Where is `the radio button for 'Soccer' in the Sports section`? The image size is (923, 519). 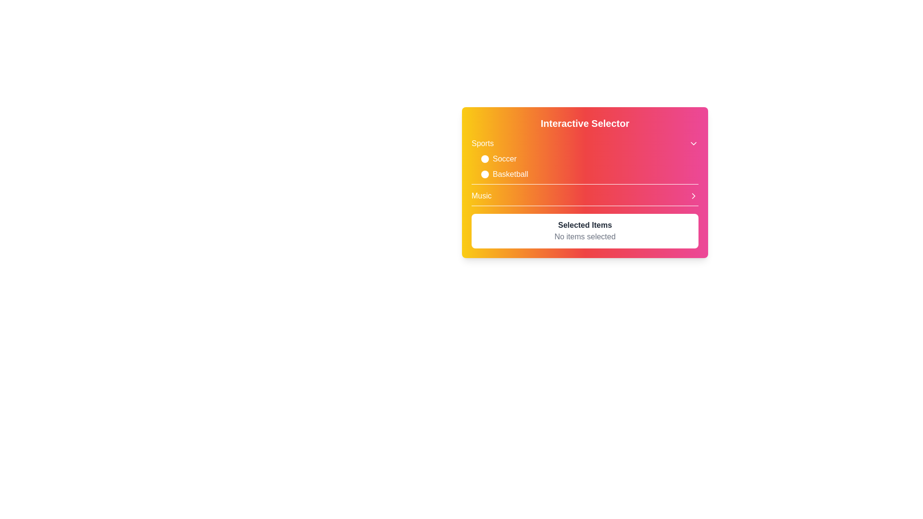
the radio button for 'Soccer' in the Sports section is located at coordinates (585, 166).